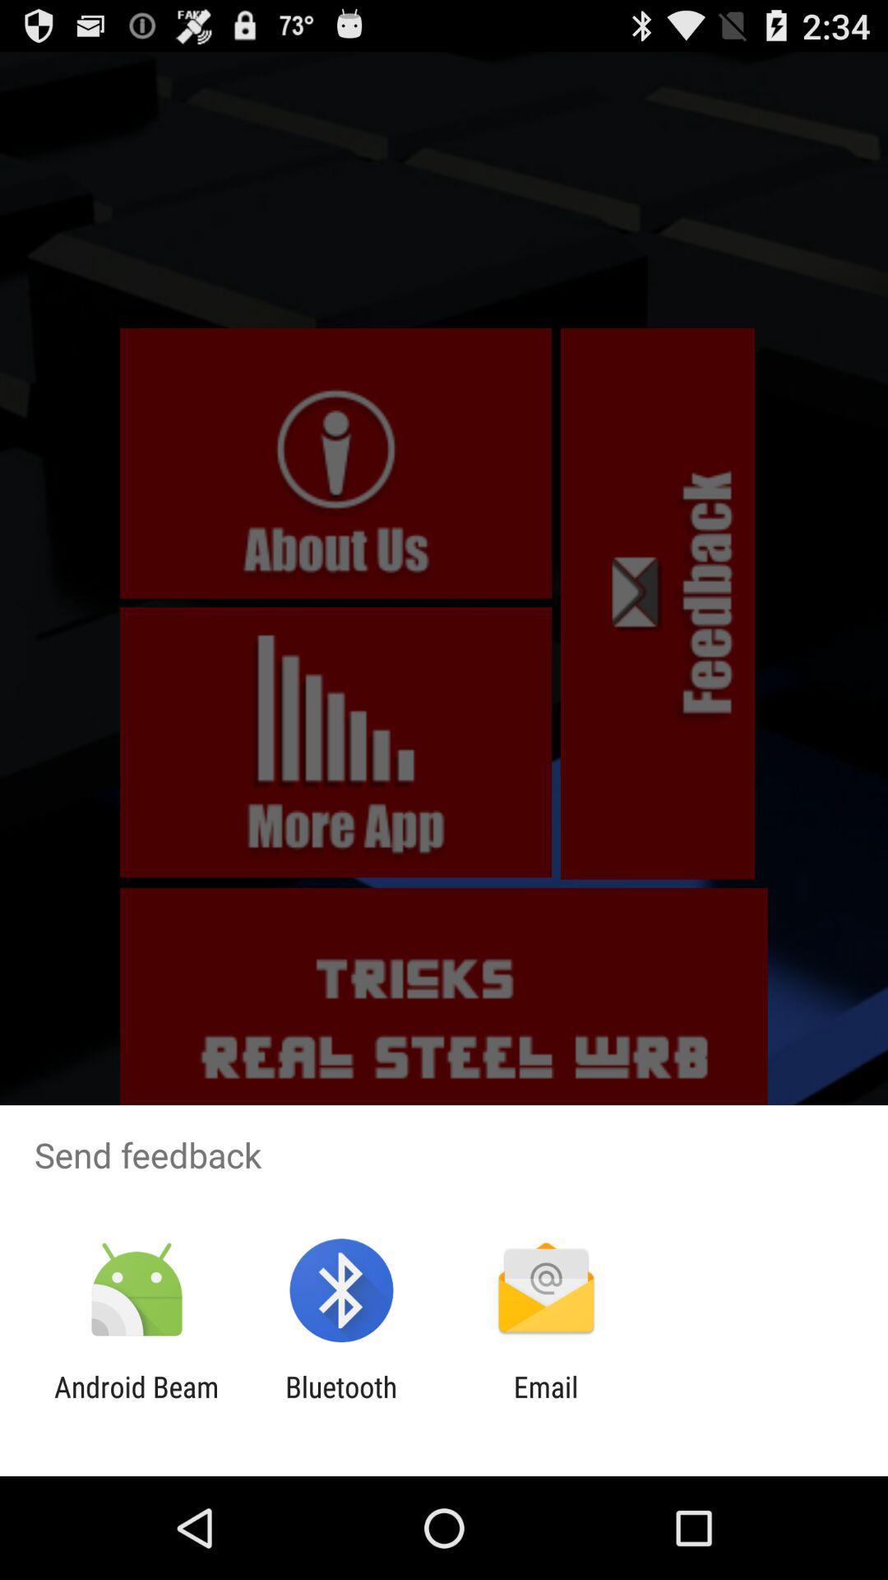 The width and height of the screenshot is (888, 1580). Describe the element at coordinates (340, 1403) in the screenshot. I see `the item to the right of the android beam icon` at that location.